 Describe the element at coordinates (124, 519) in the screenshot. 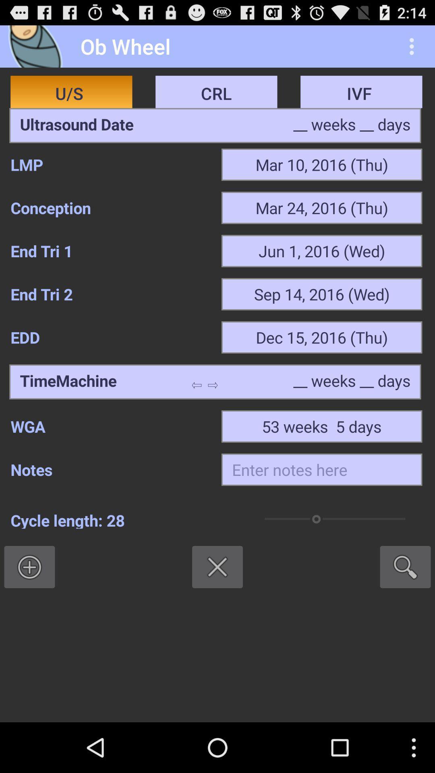

I see `the cycle length: 28 item` at that location.